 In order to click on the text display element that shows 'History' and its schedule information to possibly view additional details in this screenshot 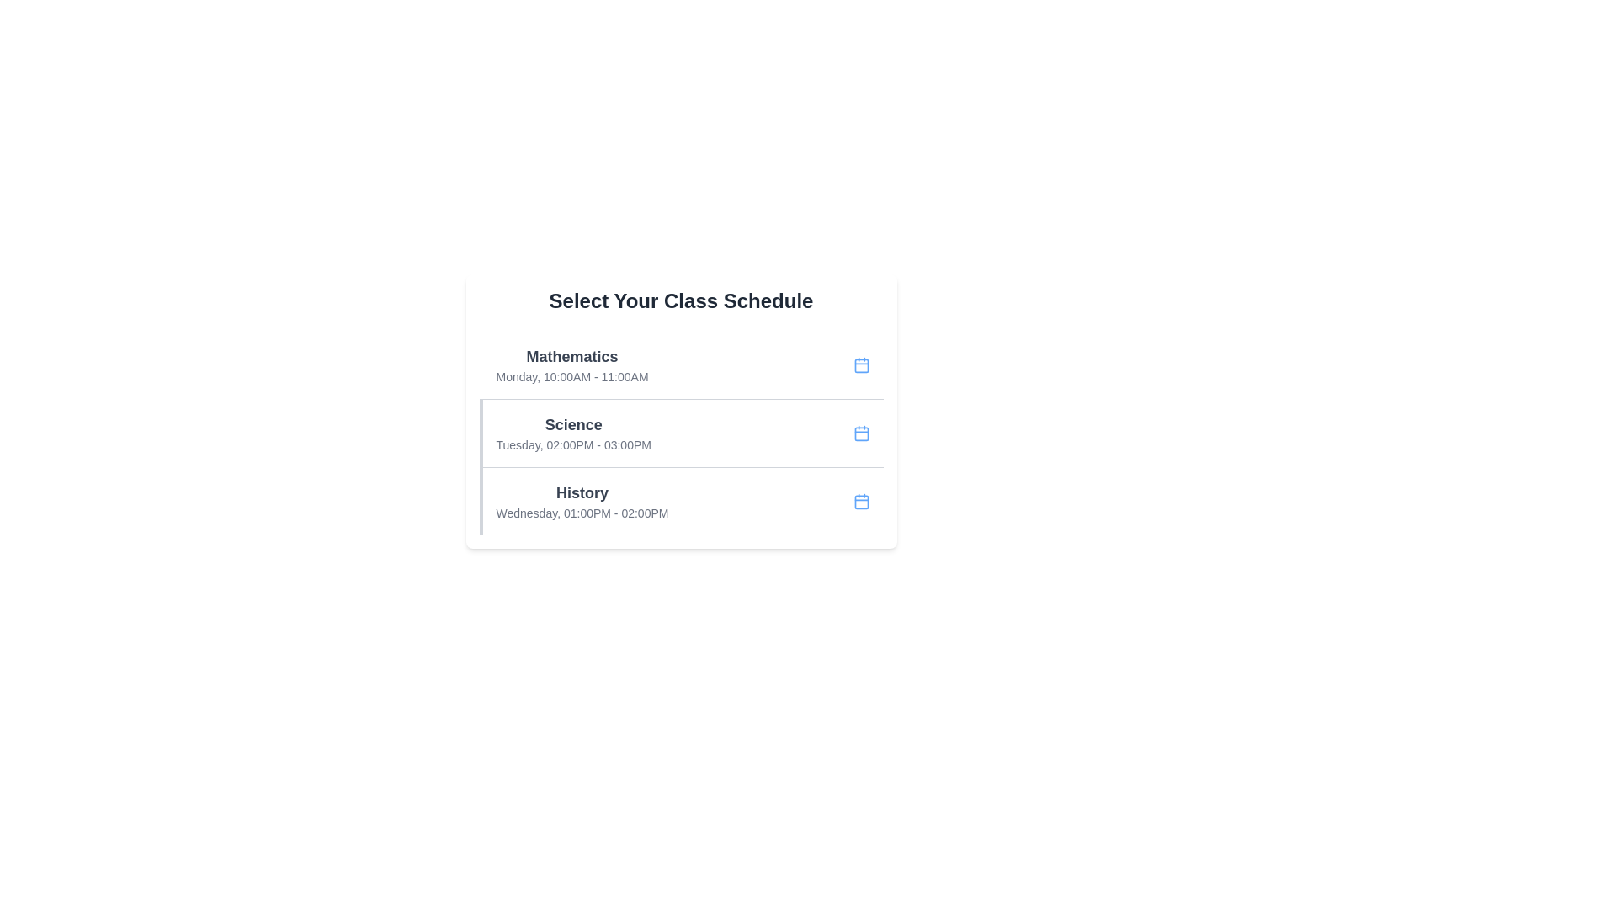, I will do `click(582, 501)`.